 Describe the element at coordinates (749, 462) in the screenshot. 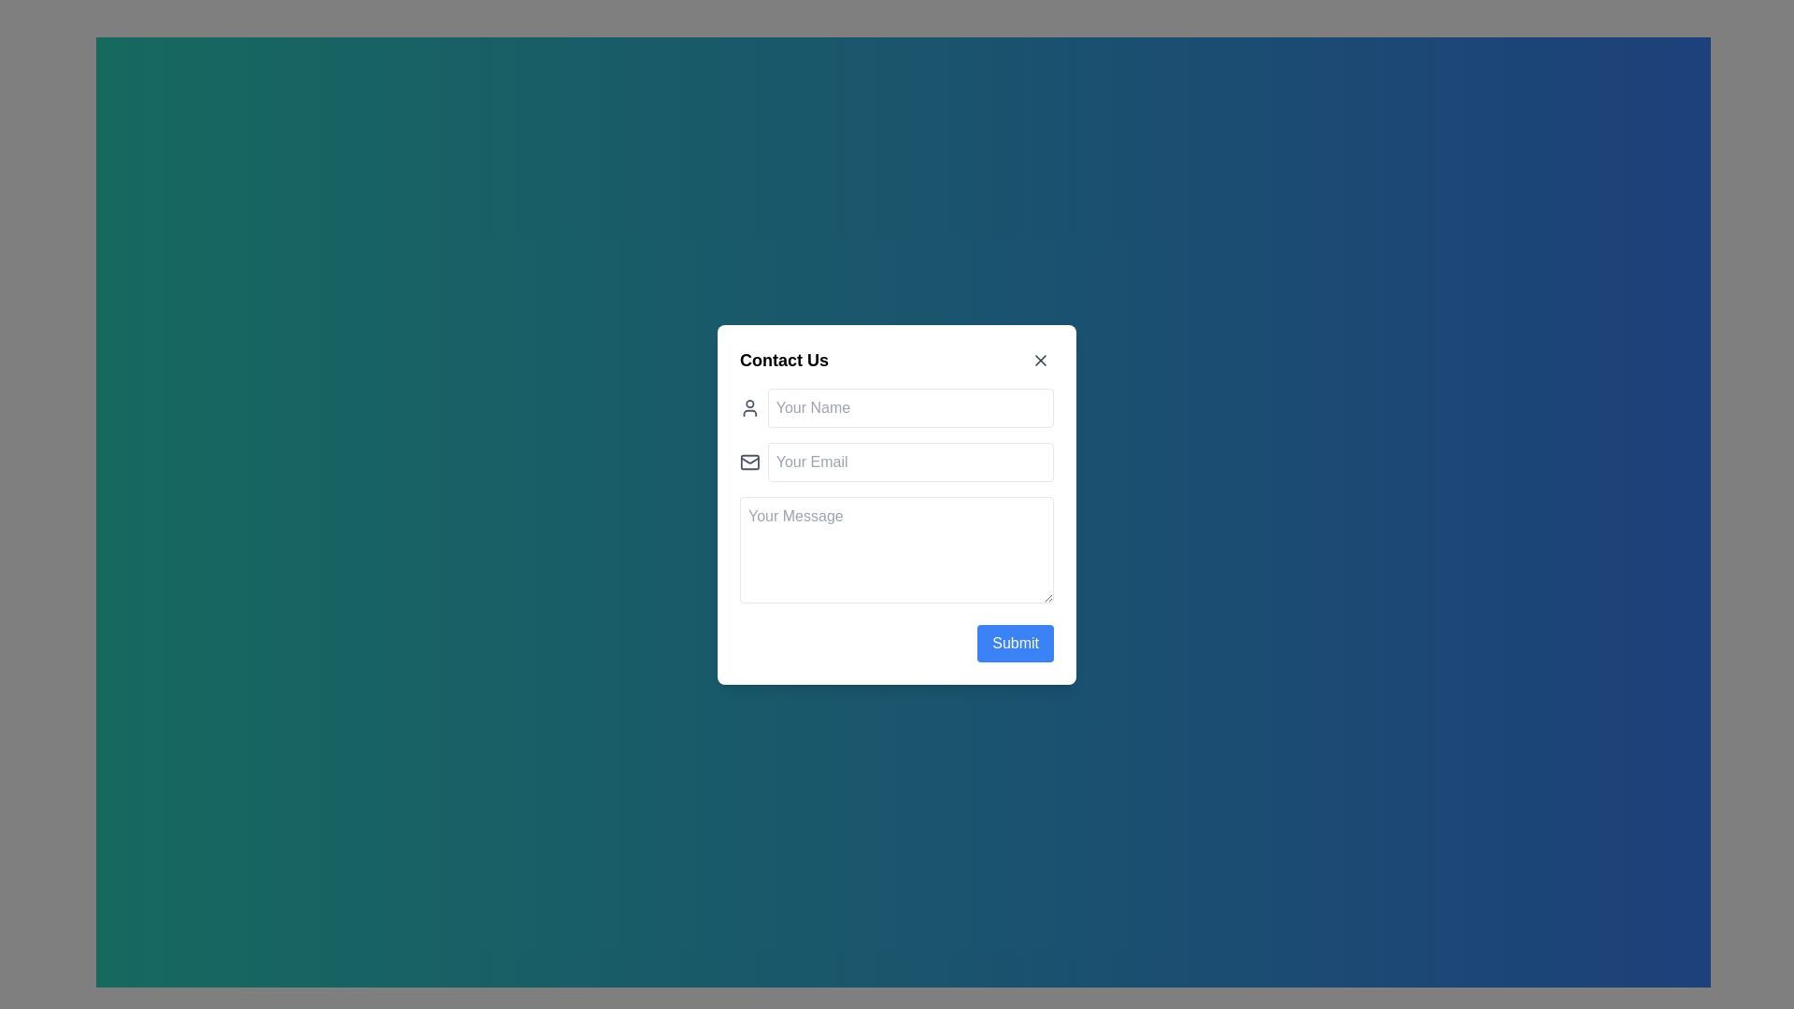

I see `the decorative SVG shape representing the email icon located in the 'Contact Us' form interface, specifically positioned below the 'Your Name' icon and to the left of the 'Your Email' text field` at that location.